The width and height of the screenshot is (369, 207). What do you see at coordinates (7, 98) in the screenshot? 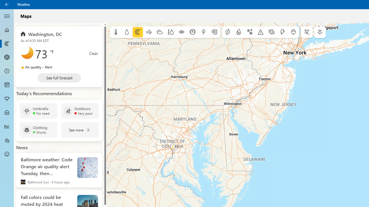
I see `'Pollen - Not Selected'` at bounding box center [7, 98].